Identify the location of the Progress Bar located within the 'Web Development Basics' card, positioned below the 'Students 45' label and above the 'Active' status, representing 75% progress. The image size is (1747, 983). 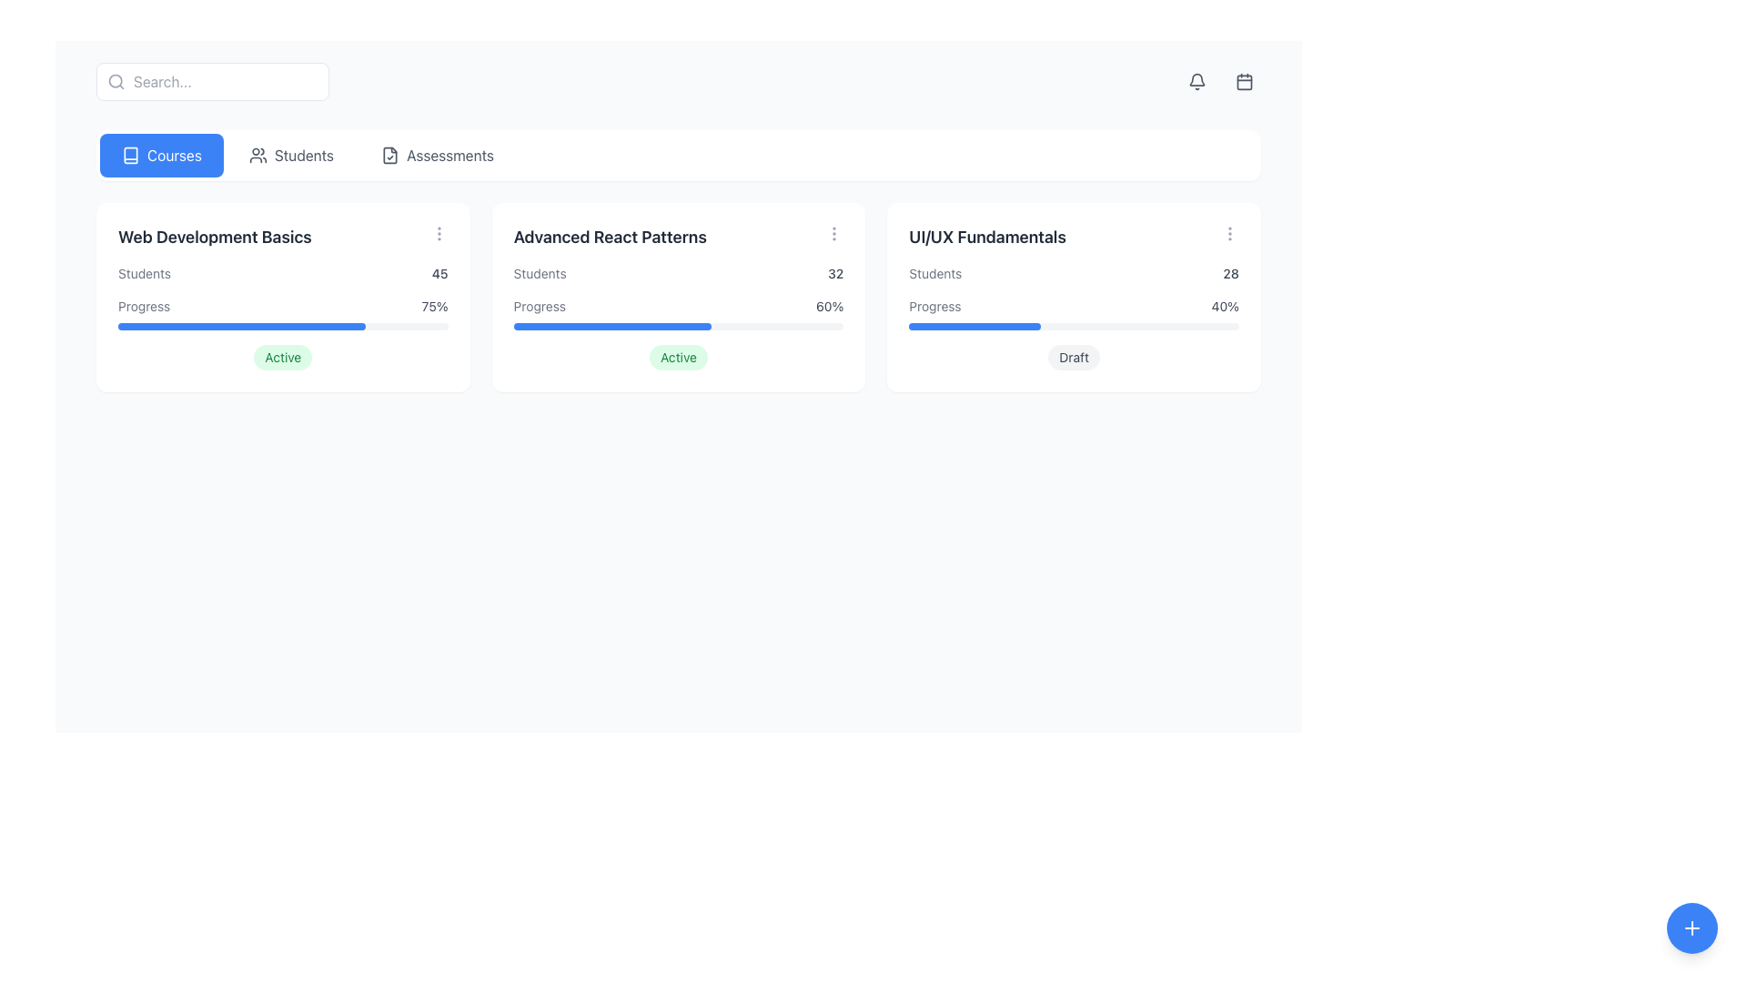
(282, 312).